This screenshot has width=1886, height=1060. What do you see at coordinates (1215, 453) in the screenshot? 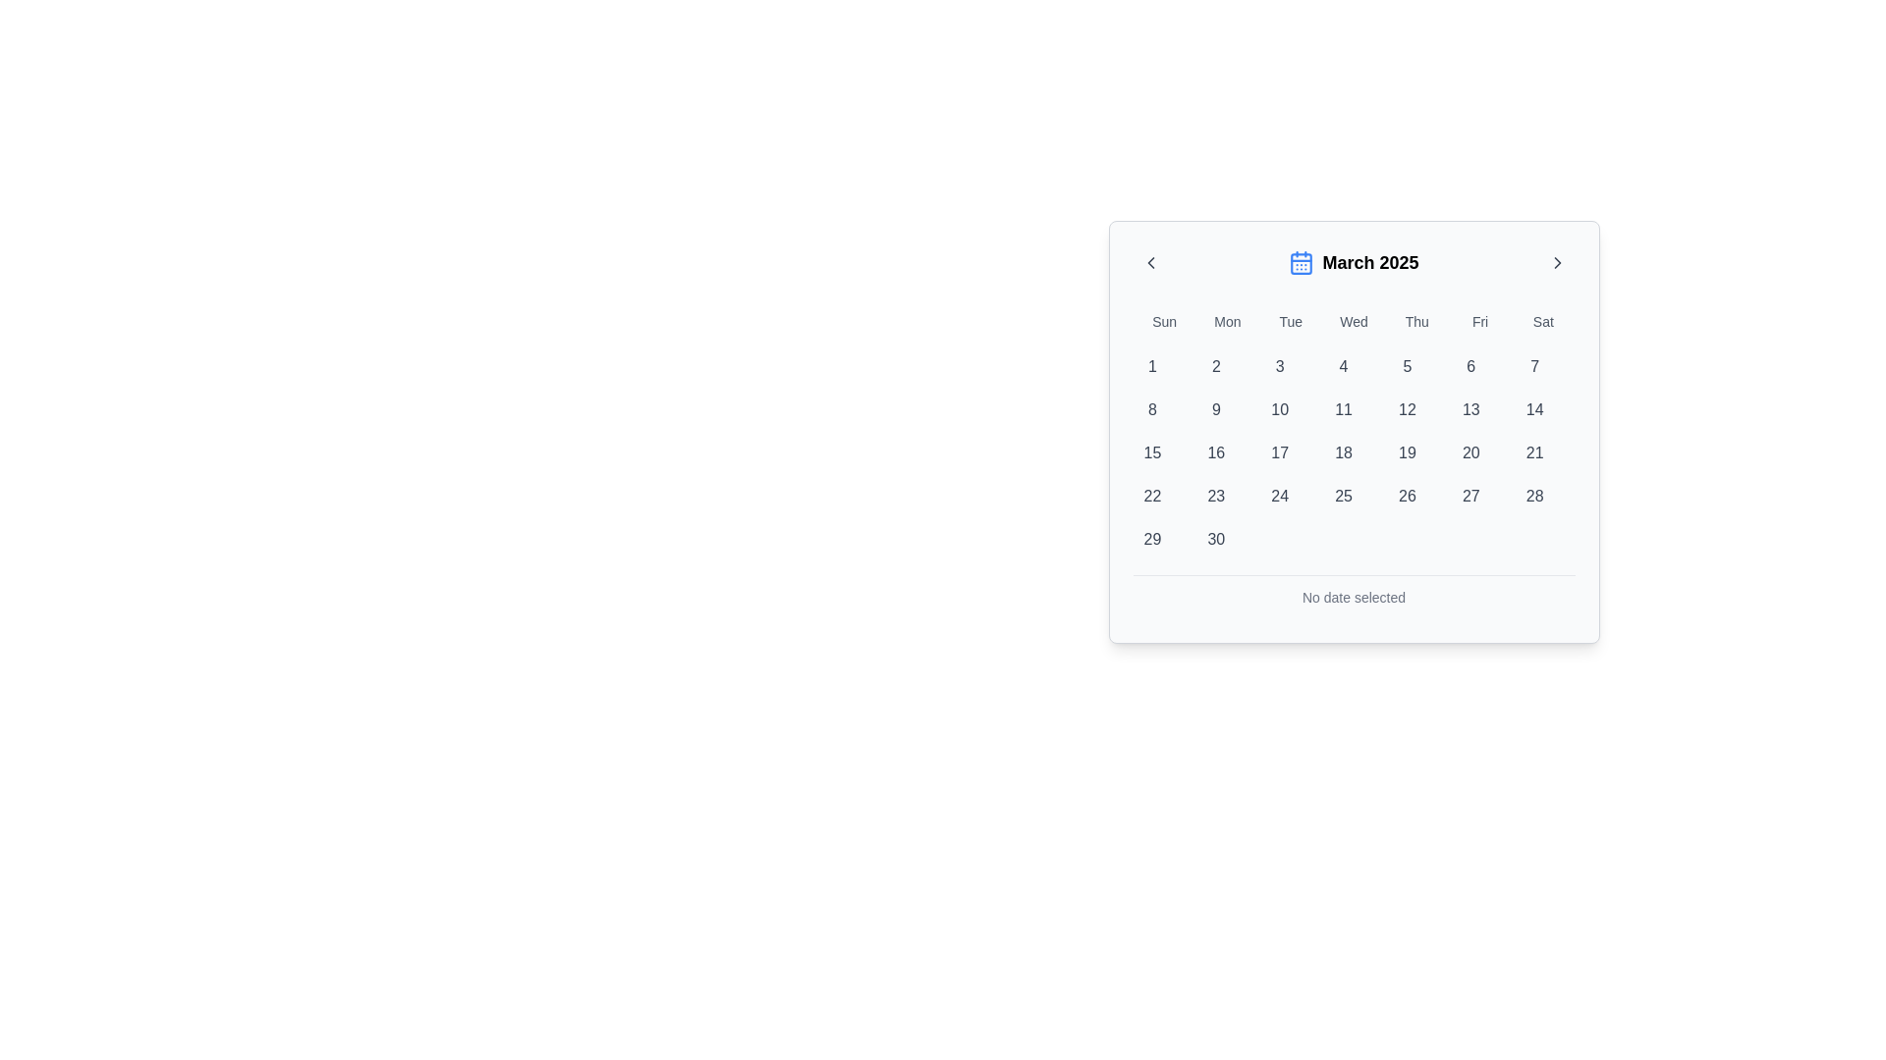
I see `the button representing the date '16' in the calendar` at bounding box center [1215, 453].